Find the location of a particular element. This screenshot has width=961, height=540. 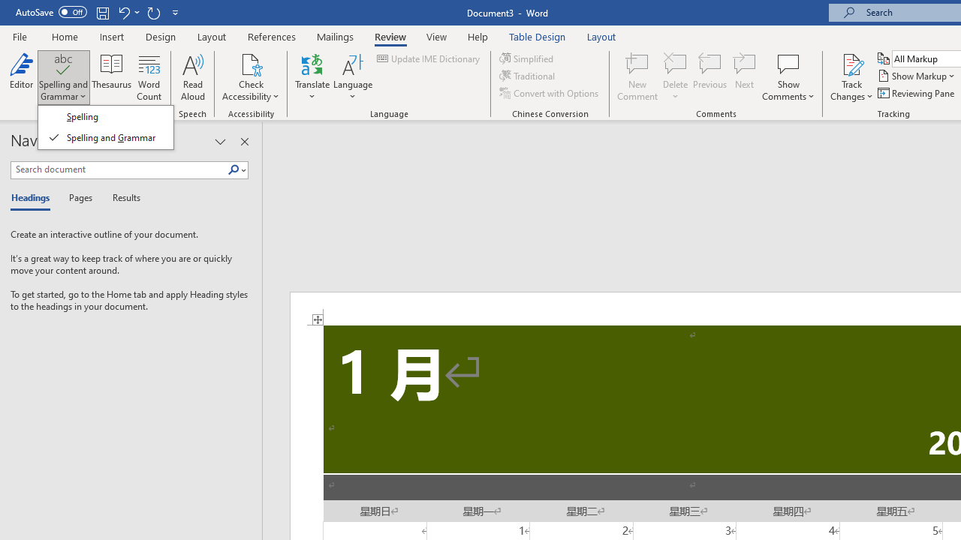

'Convert with Options...' is located at coordinates (549, 93).